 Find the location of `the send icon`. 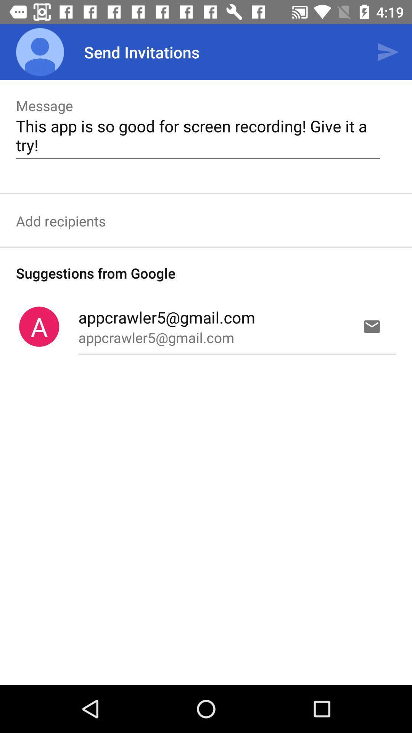

the send icon is located at coordinates (388, 52).